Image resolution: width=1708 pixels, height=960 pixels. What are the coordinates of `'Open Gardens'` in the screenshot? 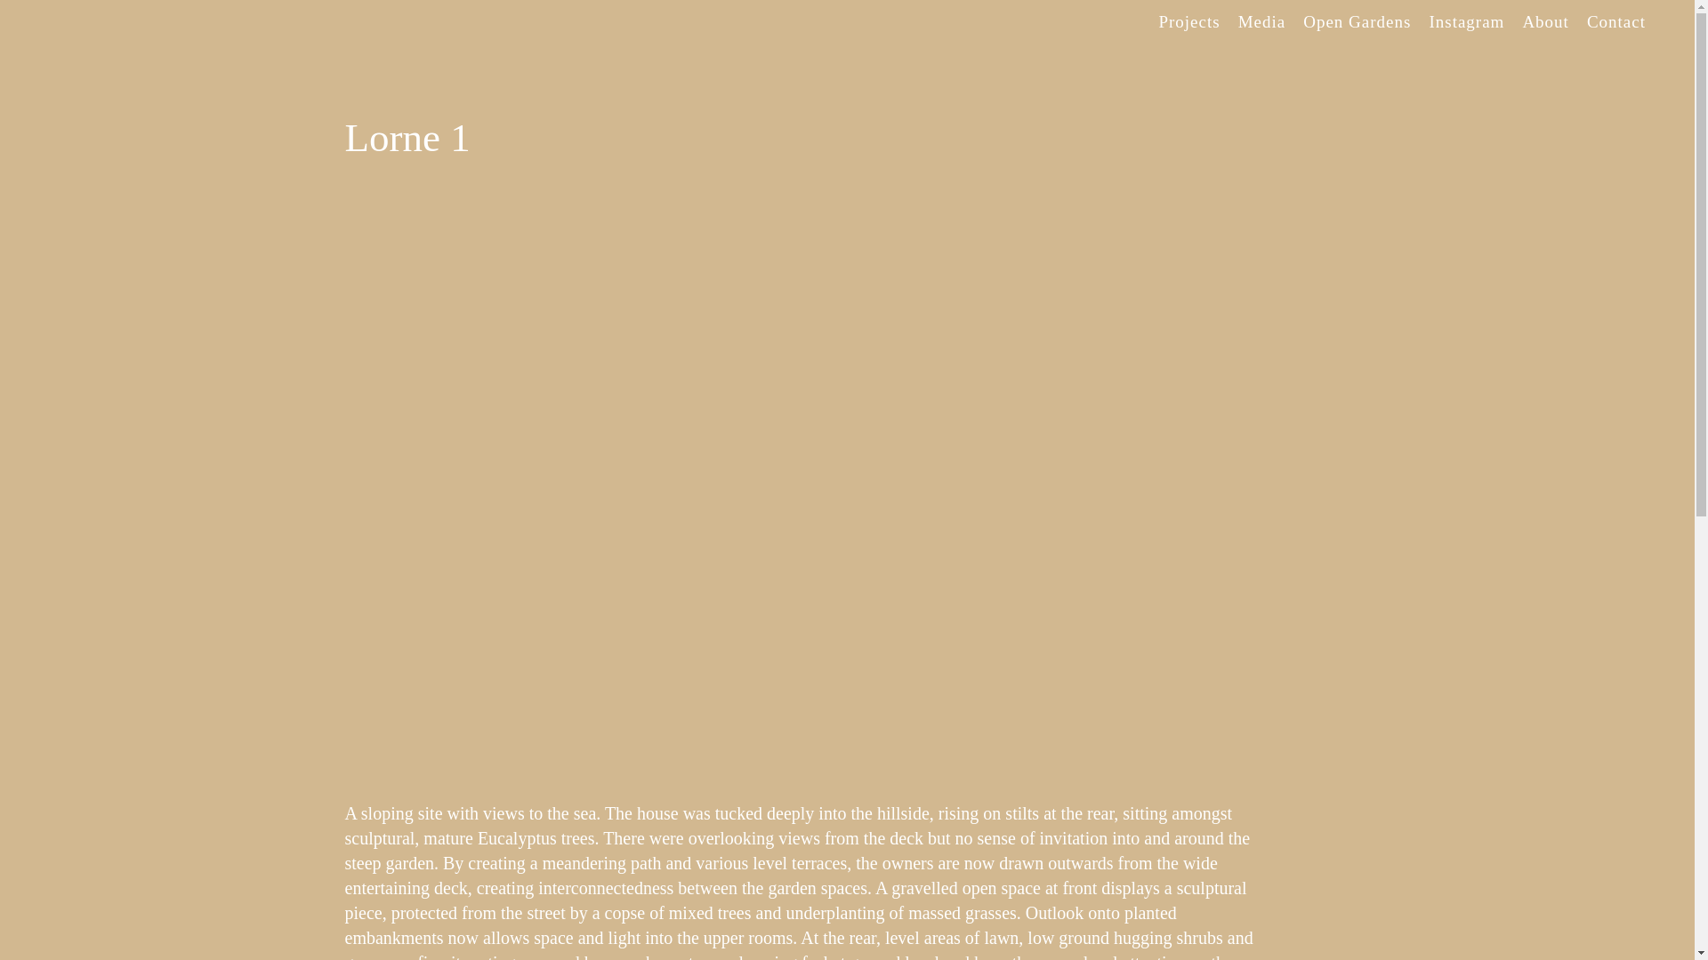 It's located at (1356, 21).